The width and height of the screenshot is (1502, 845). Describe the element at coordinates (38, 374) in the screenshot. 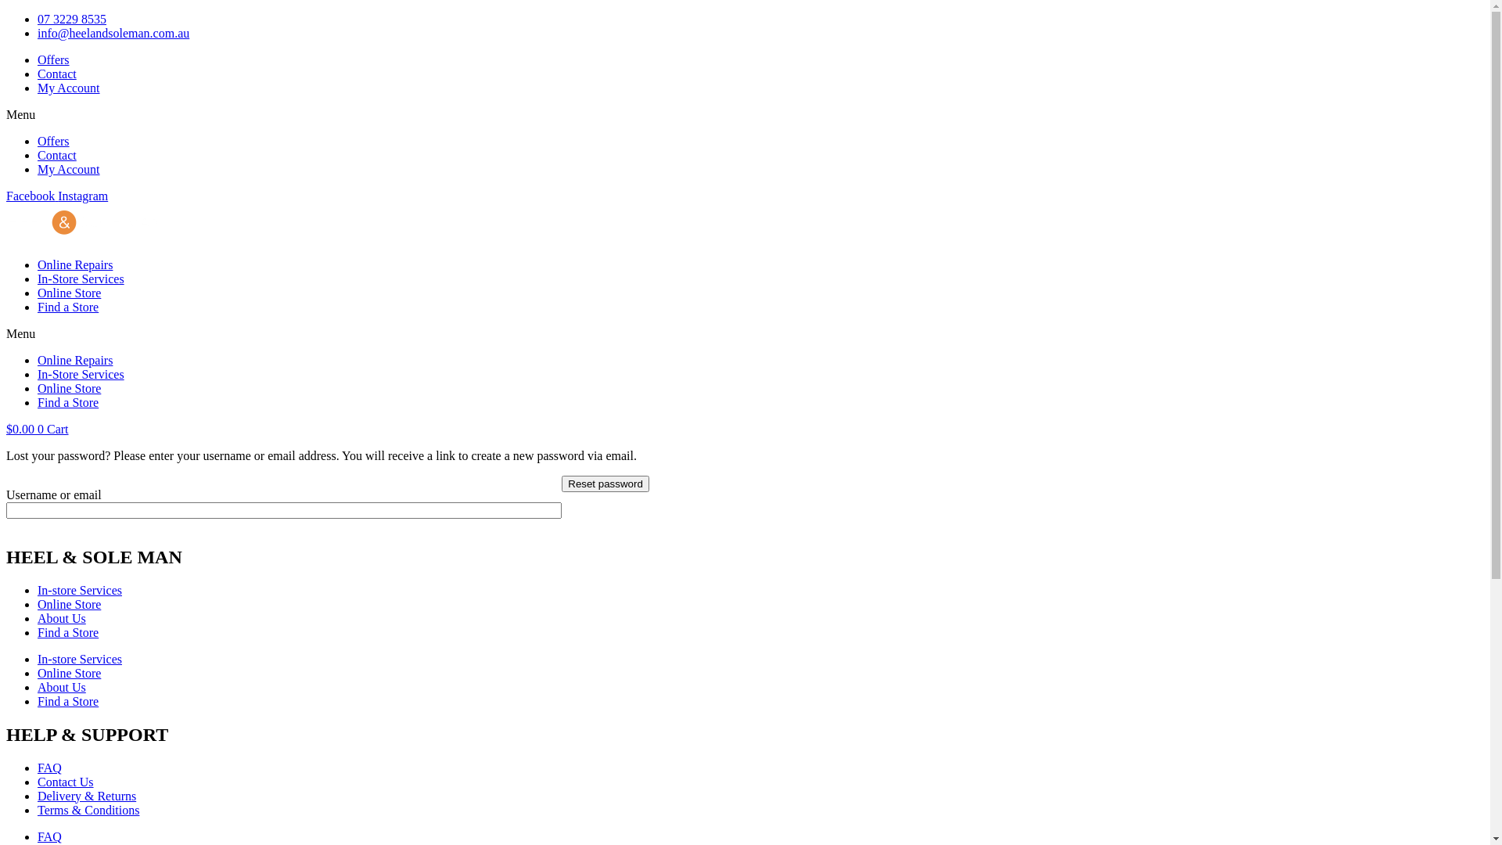

I see `'In-Store Services'` at that location.